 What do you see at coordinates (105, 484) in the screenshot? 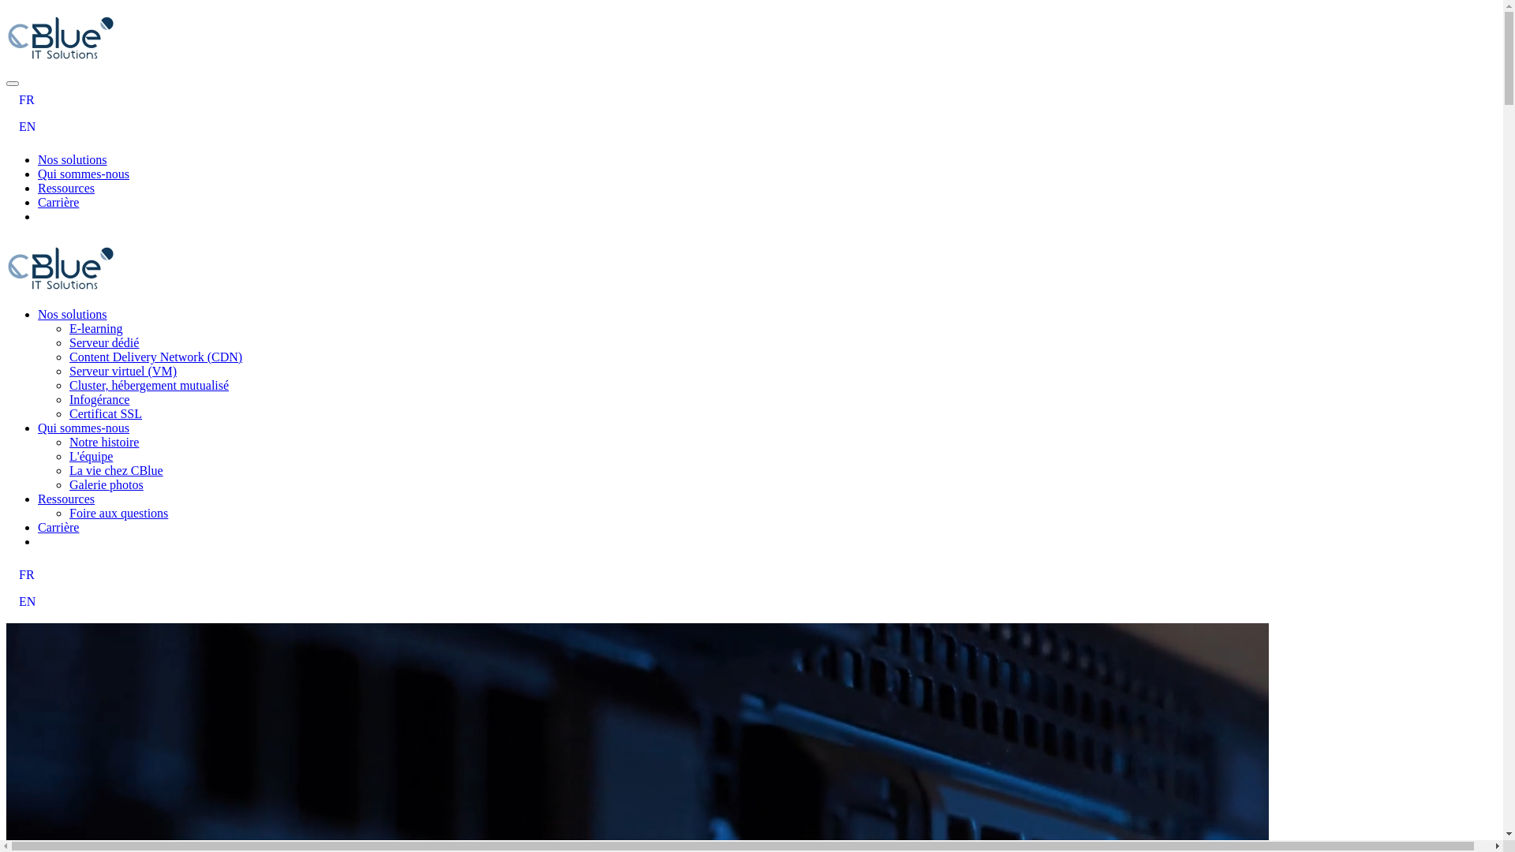
I see `'Galerie photos'` at bounding box center [105, 484].